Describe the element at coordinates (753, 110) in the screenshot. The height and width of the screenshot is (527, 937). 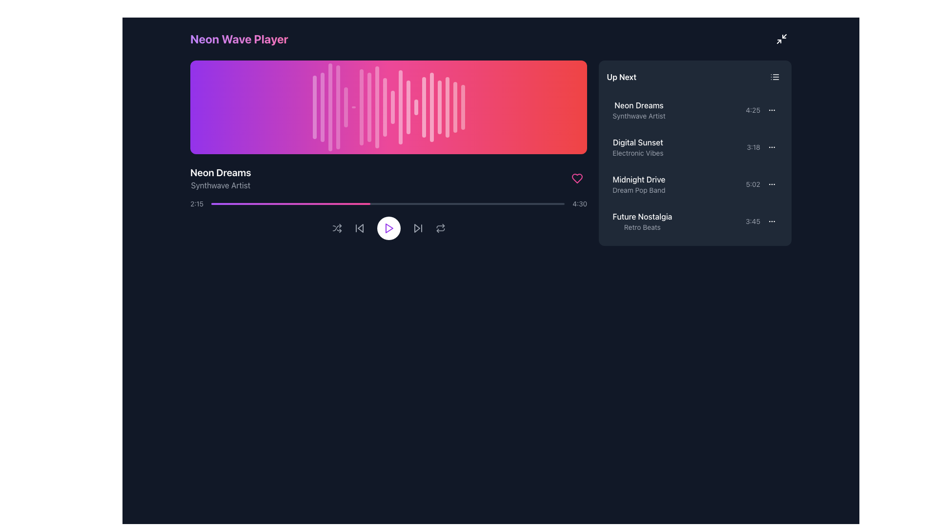
I see `the text label displaying '4:25' that is styled with a small font size and gray color, located within the 'Up Next' section of the interface, aligned to the right of the song 'Neon Dreams'` at that location.